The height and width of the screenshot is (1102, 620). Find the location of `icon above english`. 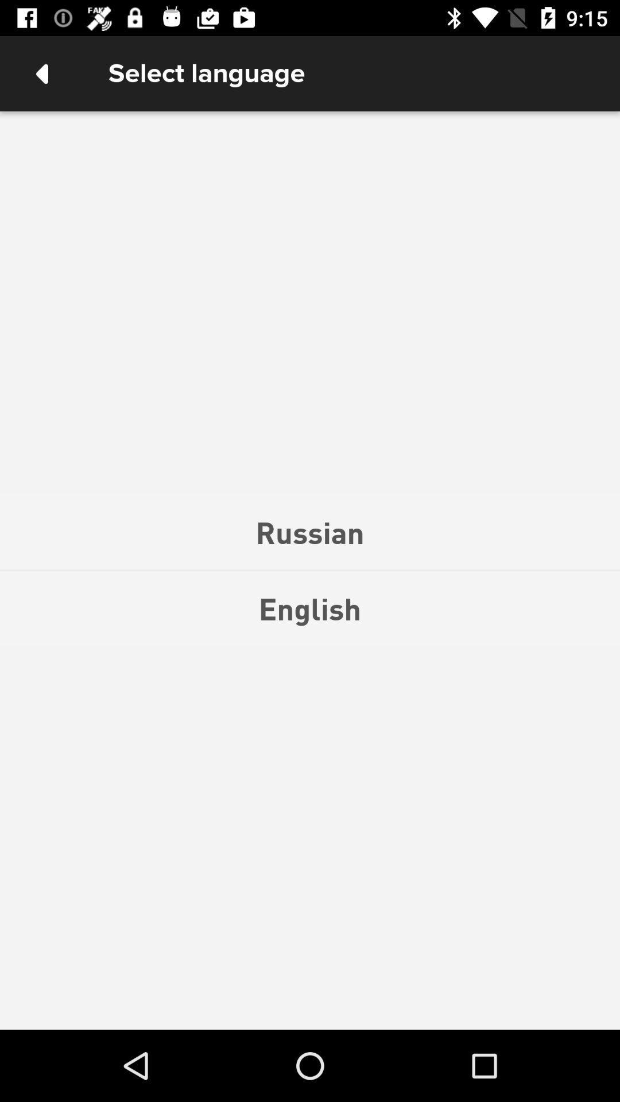

icon above english is located at coordinates (310, 531).